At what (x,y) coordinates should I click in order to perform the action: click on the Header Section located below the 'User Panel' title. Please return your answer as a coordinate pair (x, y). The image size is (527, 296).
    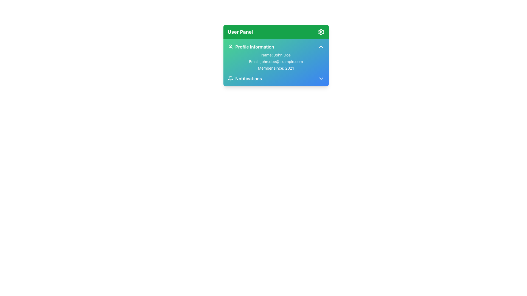
    Looking at the image, I should click on (276, 46).